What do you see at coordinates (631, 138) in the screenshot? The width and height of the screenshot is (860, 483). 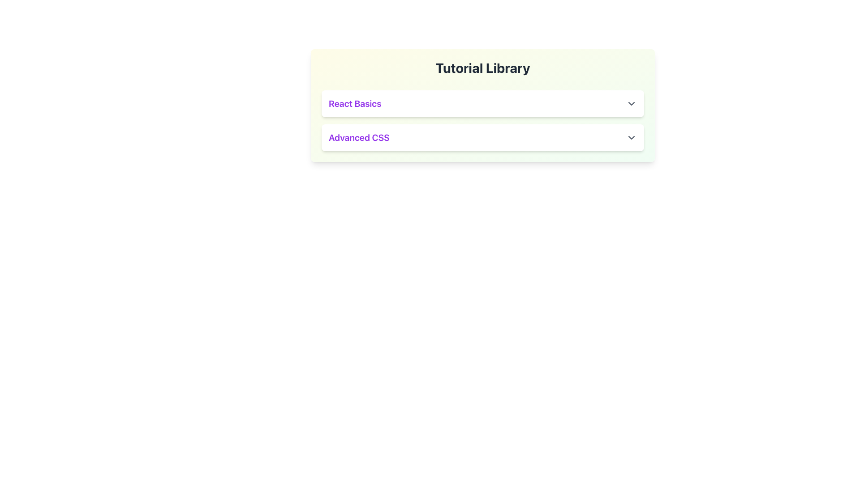 I see `the downward-facing chevron icon styled in dark gray, located to the right of the 'Advanced CSS' text` at bounding box center [631, 138].